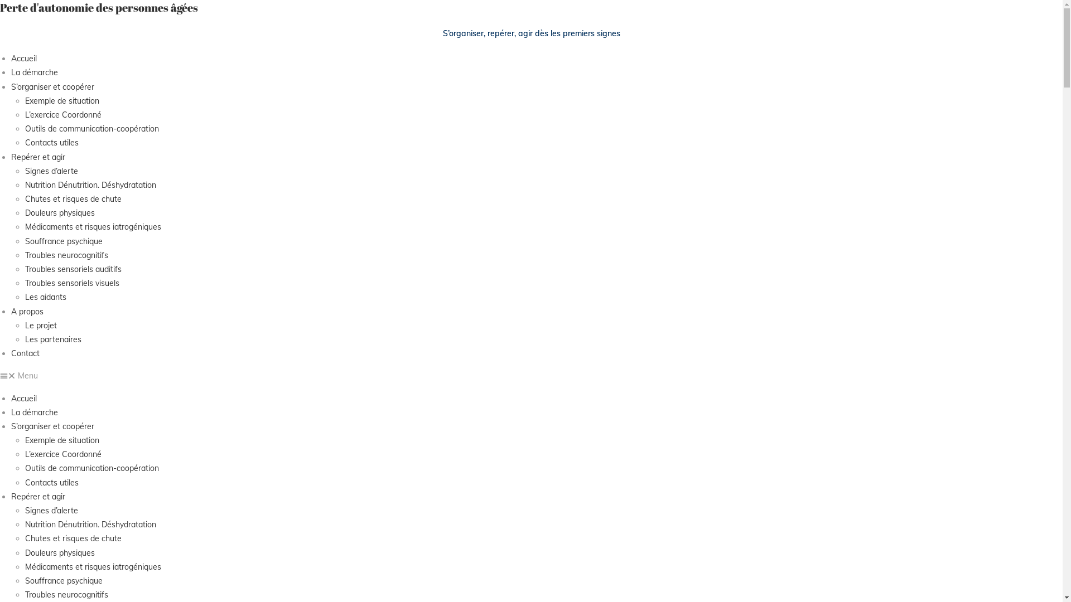 This screenshot has height=602, width=1071. What do you see at coordinates (73, 537) in the screenshot?
I see `'Chutes et risques de chute'` at bounding box center [73, 537].